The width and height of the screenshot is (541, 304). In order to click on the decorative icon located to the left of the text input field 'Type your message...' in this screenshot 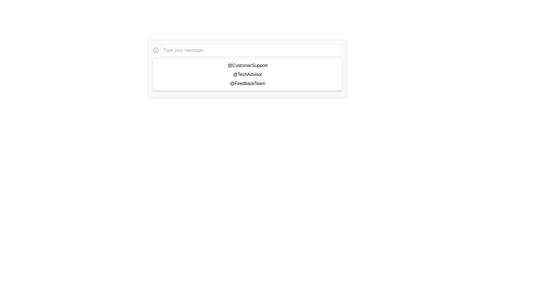, I will do `click(156, 50)`.